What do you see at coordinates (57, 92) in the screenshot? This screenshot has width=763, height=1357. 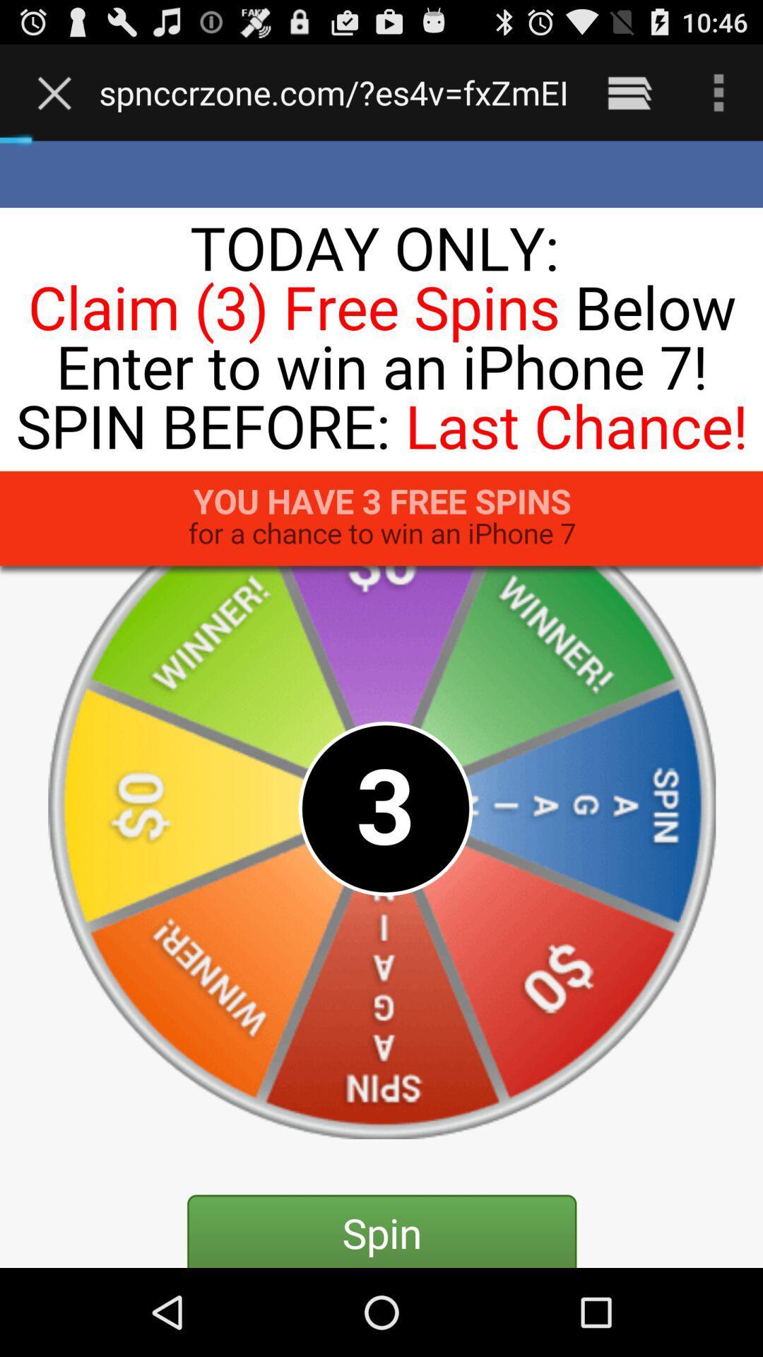 I see `icon at the top left corner` at bounding box center [57, 92].